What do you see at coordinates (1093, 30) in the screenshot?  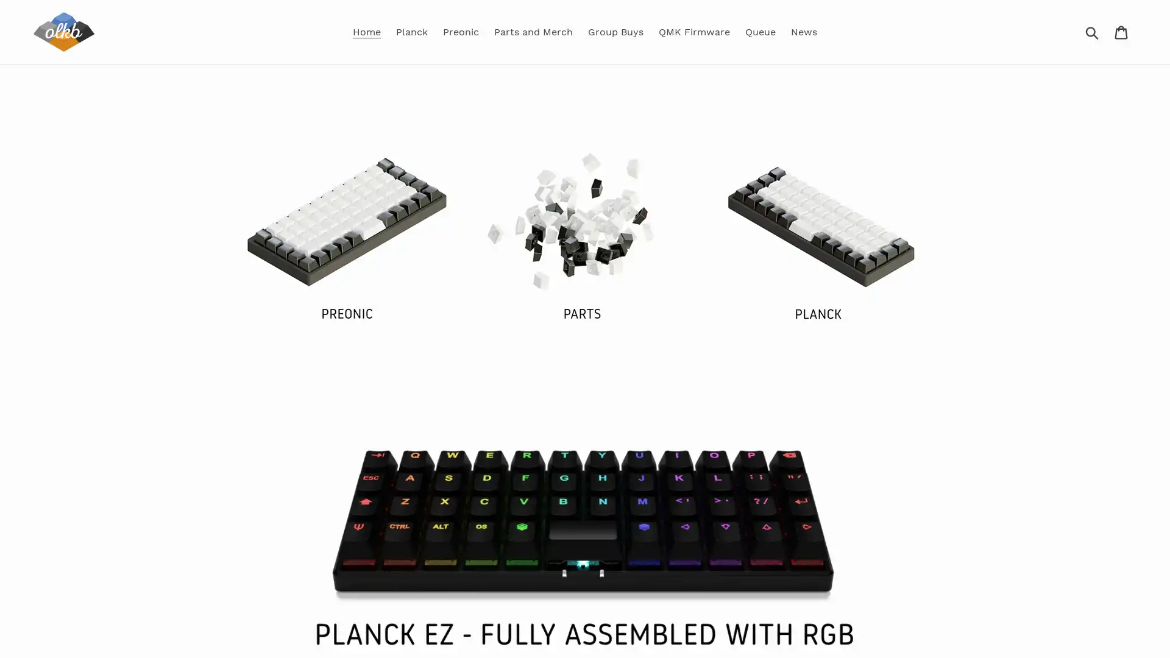 I see `Submit` at bounding box center [1093, 30].